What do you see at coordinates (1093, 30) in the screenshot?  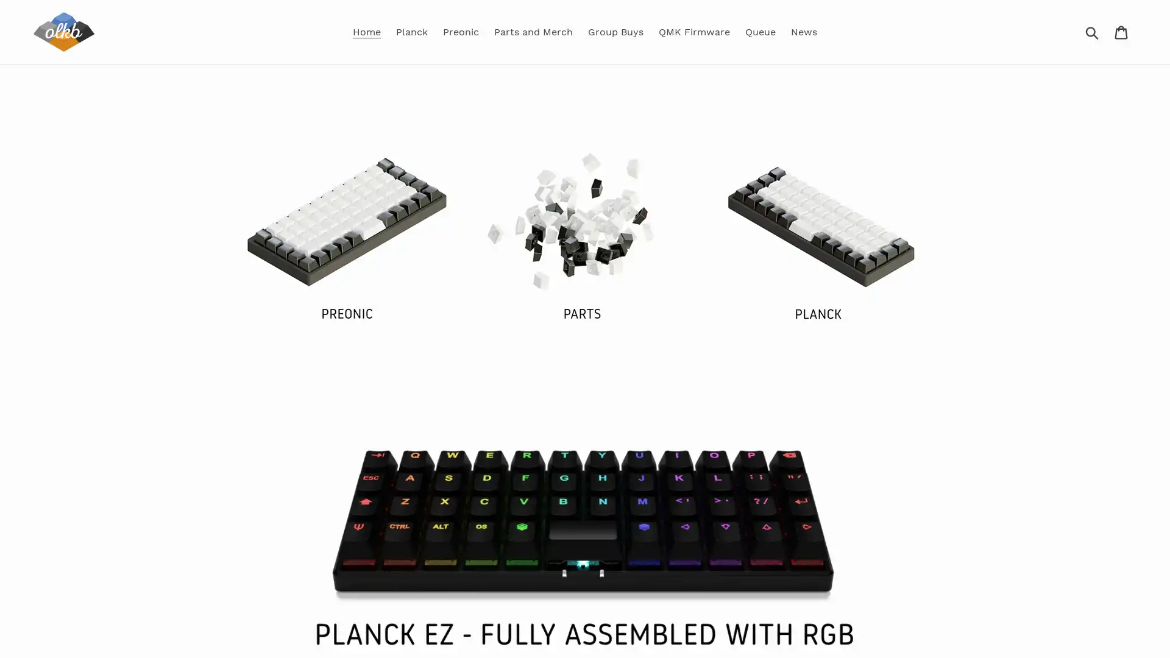 I see `Submit` at bounding box center [1093, 30].